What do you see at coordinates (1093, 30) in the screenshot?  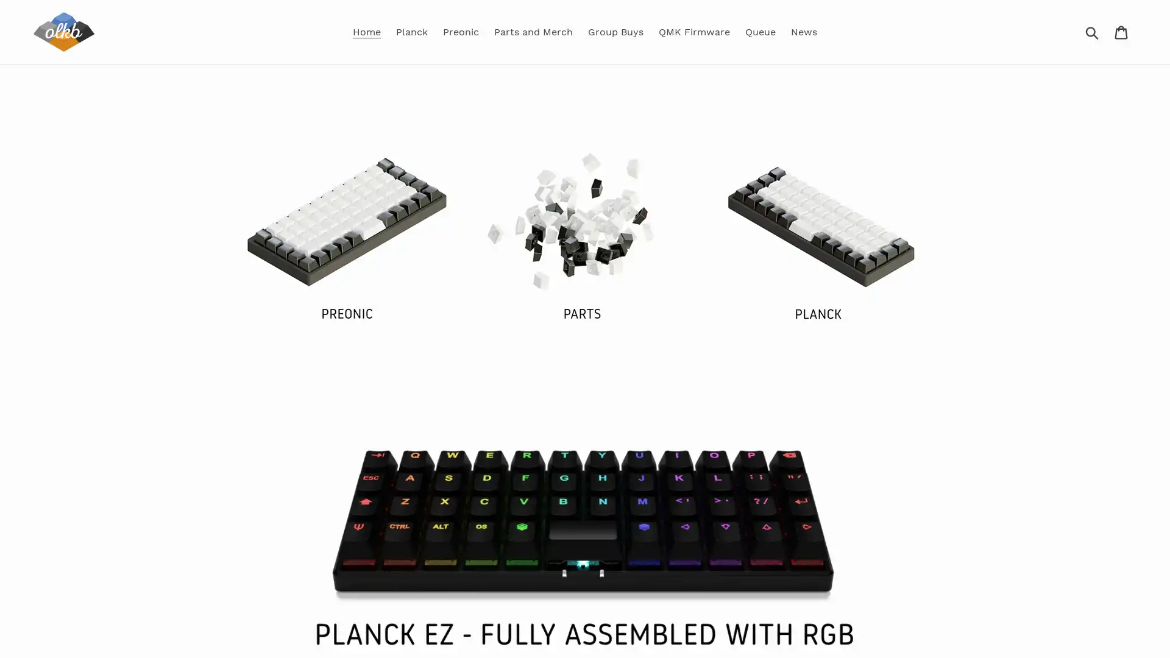 I see `Submit` at bounding box center [1093, 30].